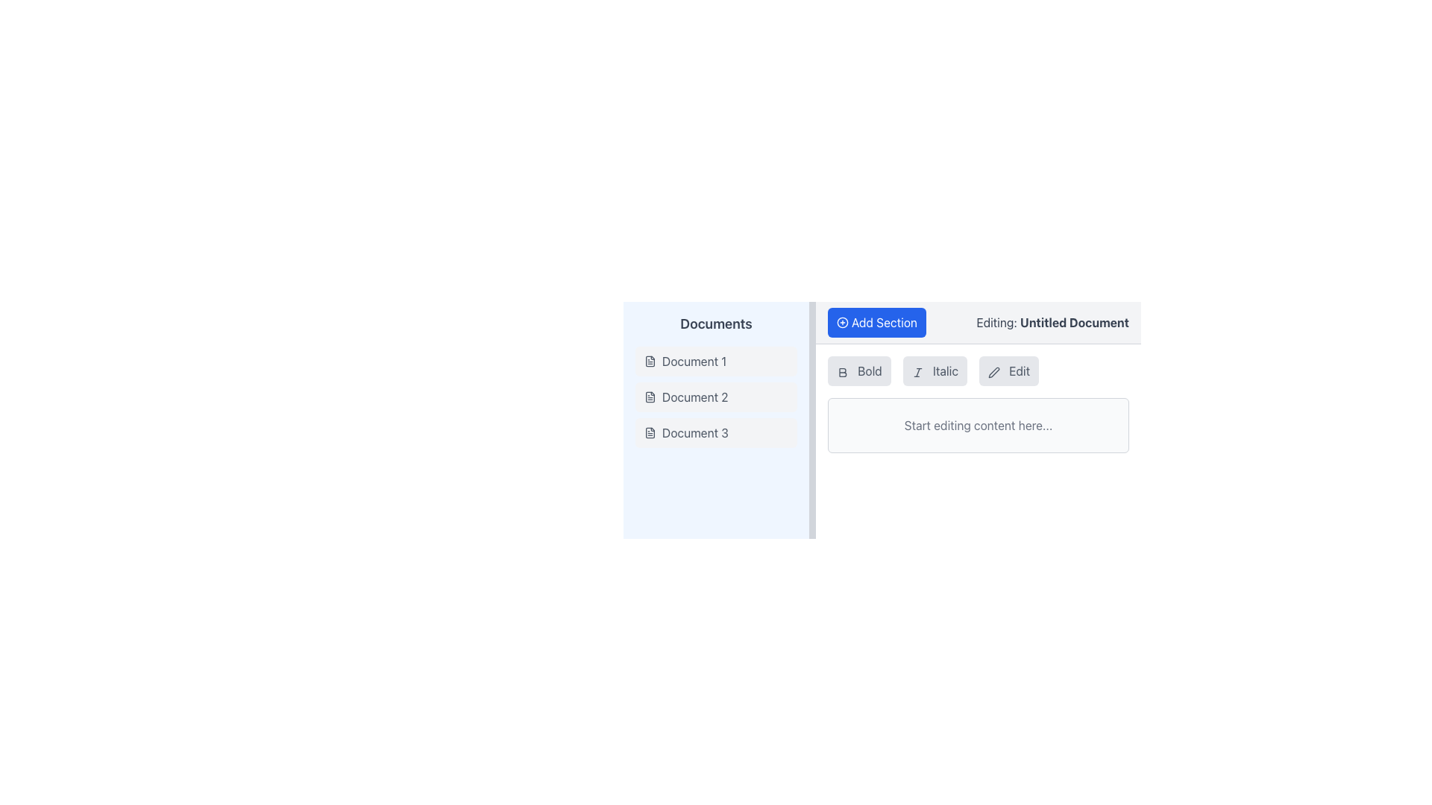 The image size is (1432, 805). I want to click on the decorative icon located to the left of the 'Edit' label in the toolbar area of the application, which indicates editing functionality, so click(994, 371).